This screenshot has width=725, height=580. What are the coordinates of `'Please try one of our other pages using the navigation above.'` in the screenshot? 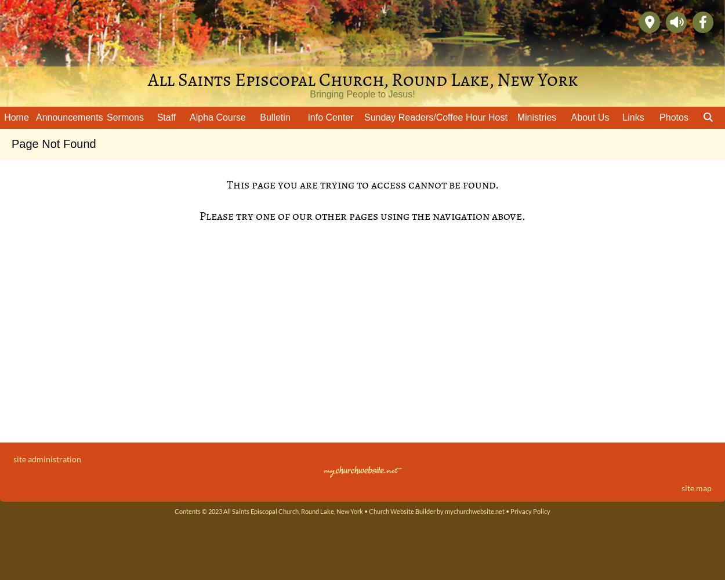 It's located at (362, 215).